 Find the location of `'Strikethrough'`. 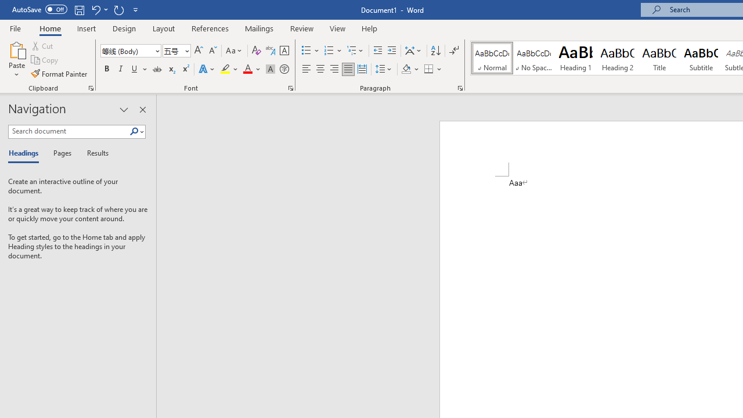

'Strikethrough' is located at coordinates (156, 69).